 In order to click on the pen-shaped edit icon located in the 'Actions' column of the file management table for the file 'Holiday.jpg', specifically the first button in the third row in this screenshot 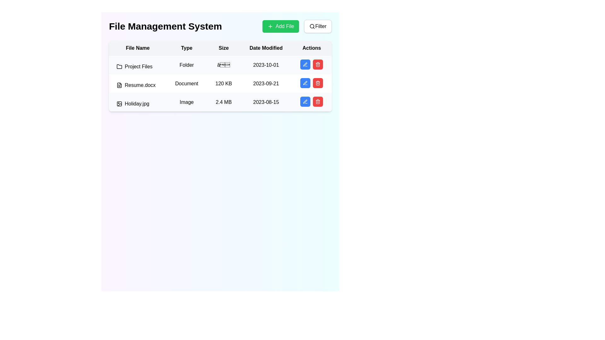, I will do `click(305, 101)`.